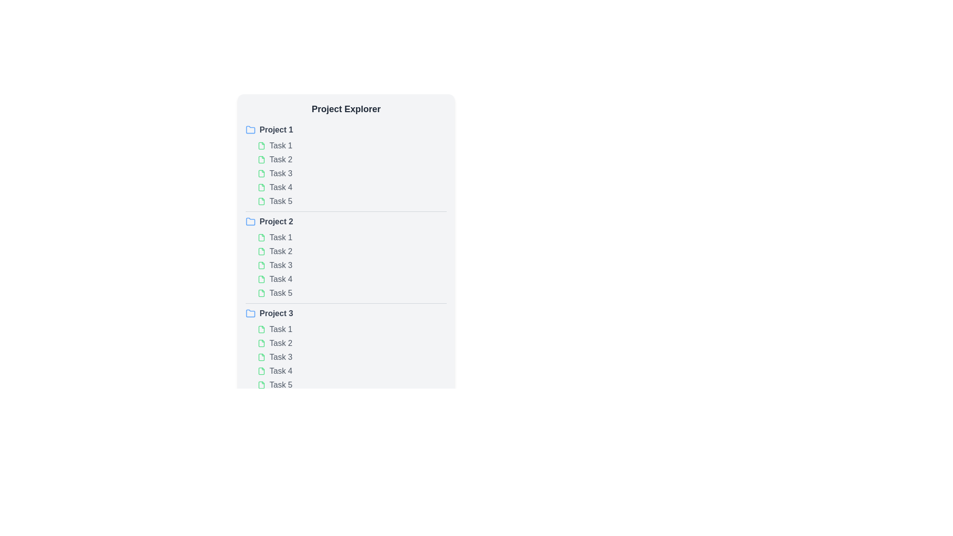  What do you see at coordinates (262, 265) in the screenshot?
I see `the green file icon located to the left of the text element labeled 'Task 3'` at bounding box center [262, 265].